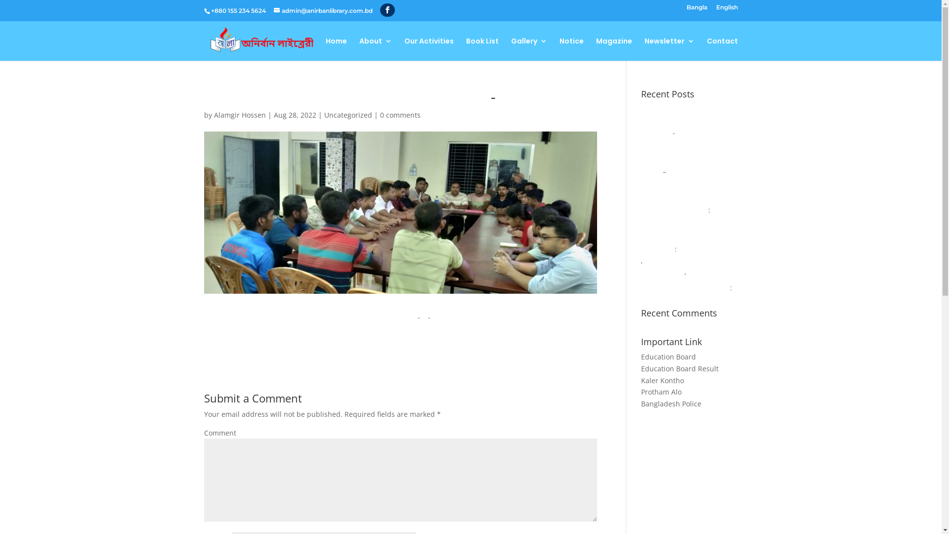  What do you see at coordinates (679, 368) in the screenshot?
I see `'Education Board Result'` at bounding box center [679, 368].